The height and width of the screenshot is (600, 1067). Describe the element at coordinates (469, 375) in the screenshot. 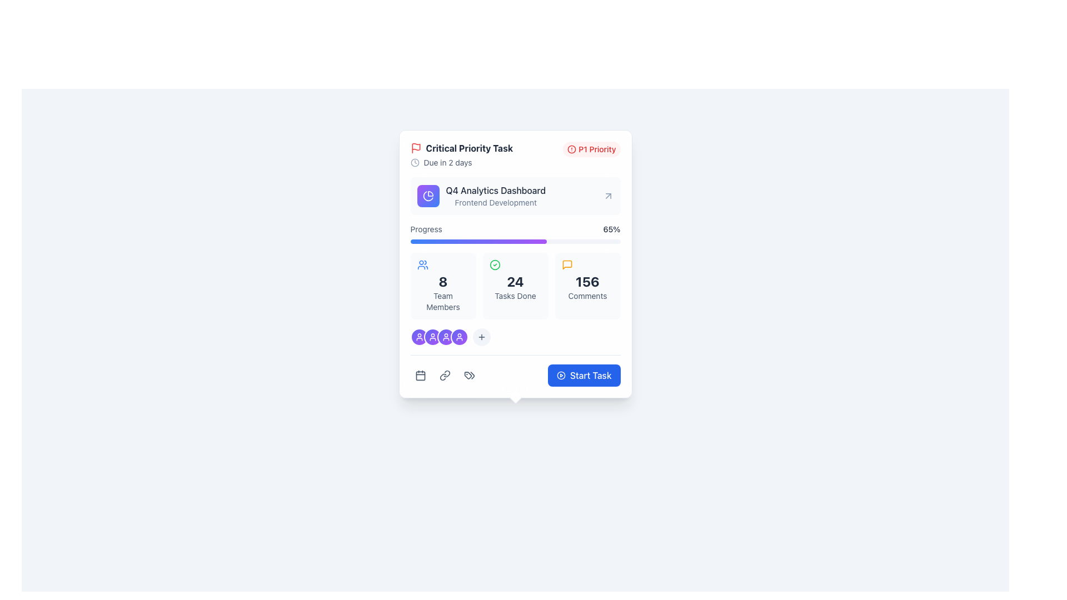

I see `the third button from the left, which features a tag icon with rounded corners` at that location.